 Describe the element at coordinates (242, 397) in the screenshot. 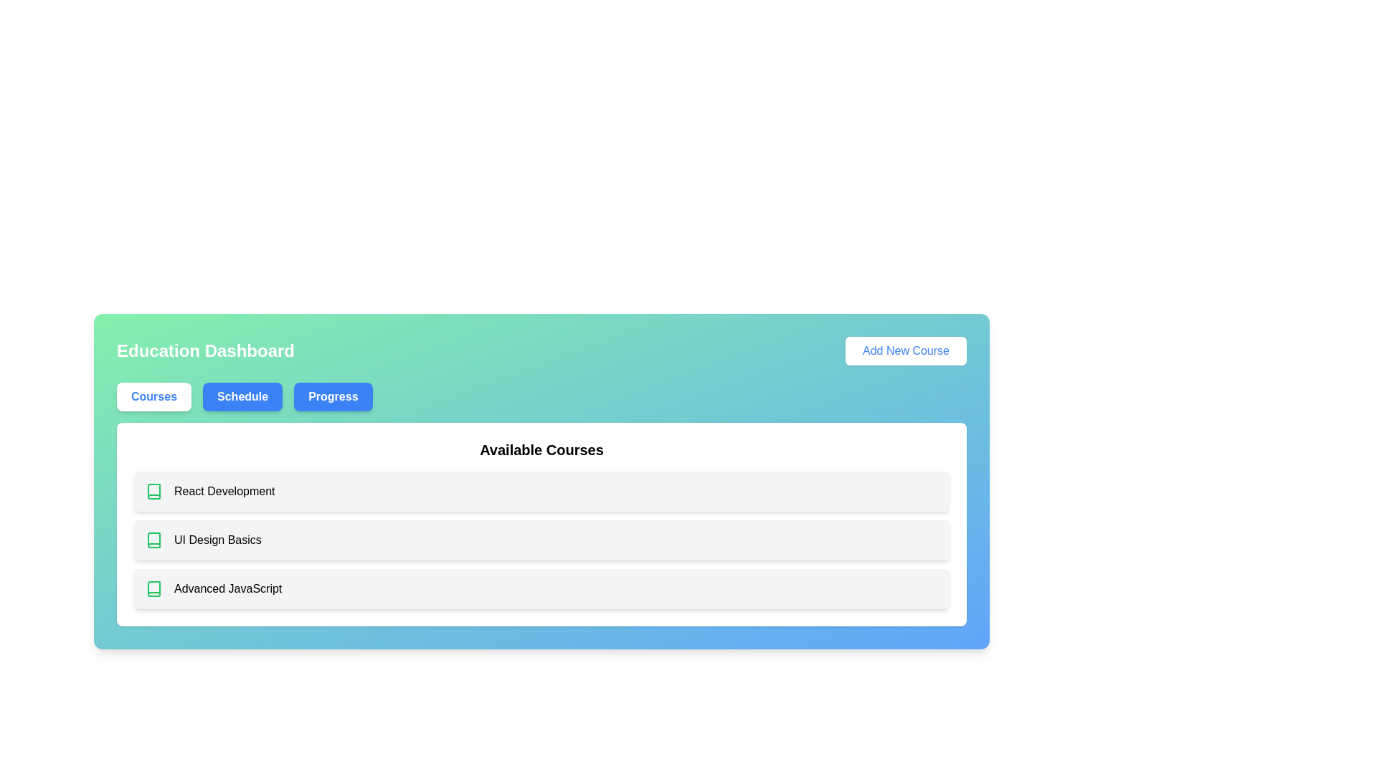

I see `the 'Schedule' tab-like button with white text on a blue background` at that location.